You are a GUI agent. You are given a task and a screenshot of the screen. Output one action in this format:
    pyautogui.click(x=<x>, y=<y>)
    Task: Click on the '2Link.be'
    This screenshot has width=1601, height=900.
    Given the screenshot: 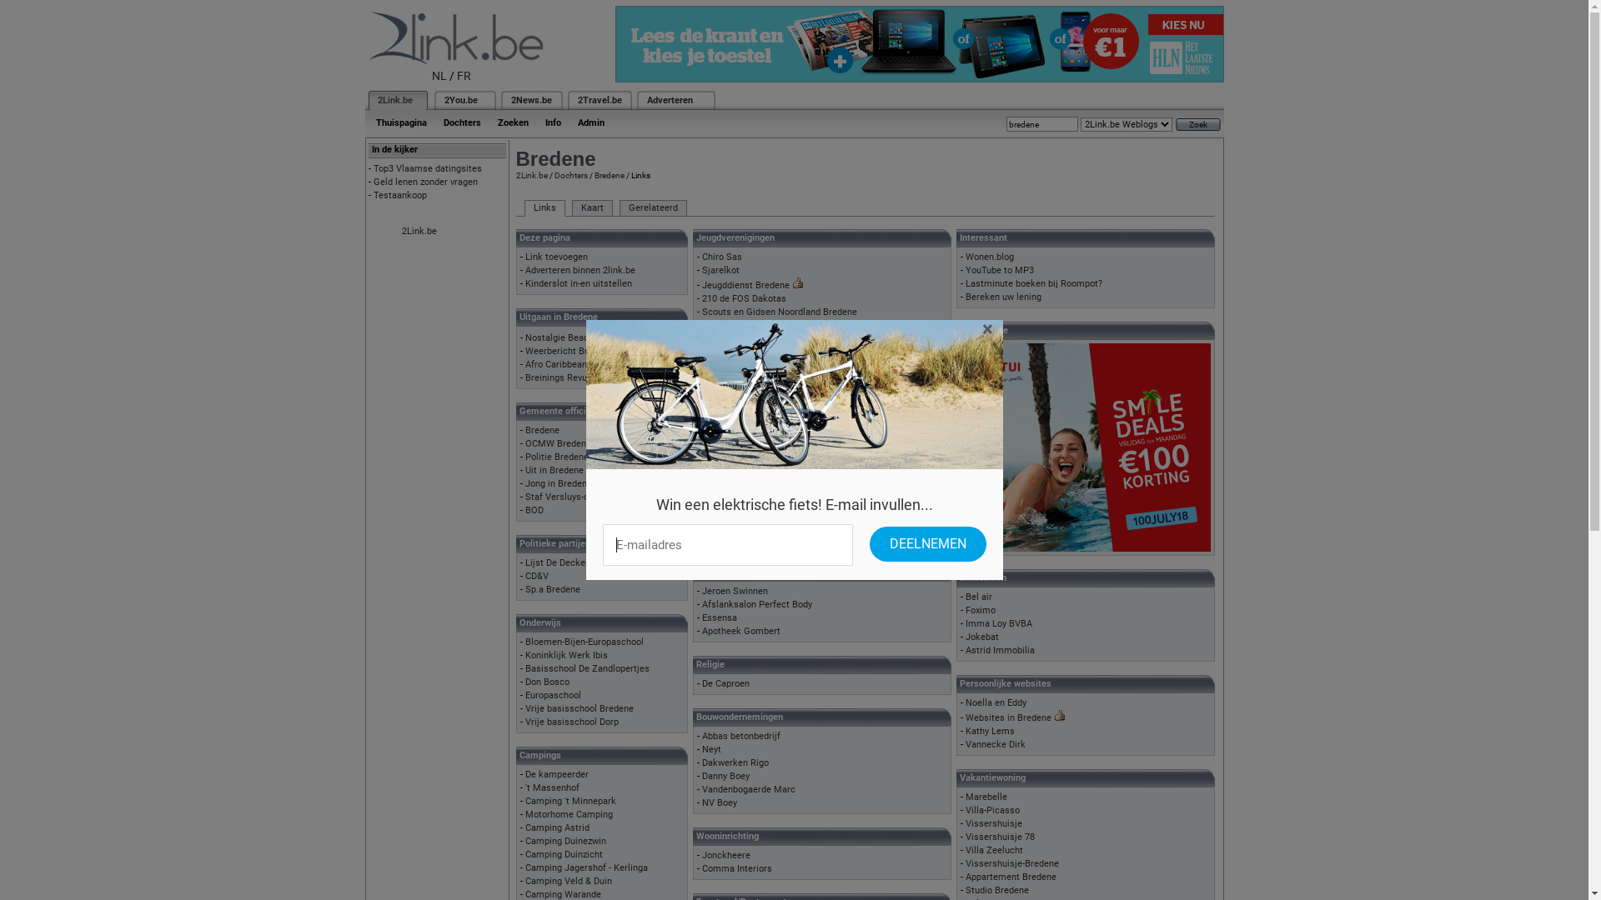 What is the action you would take?
    pyautogui.click(x=394, y=100)
    